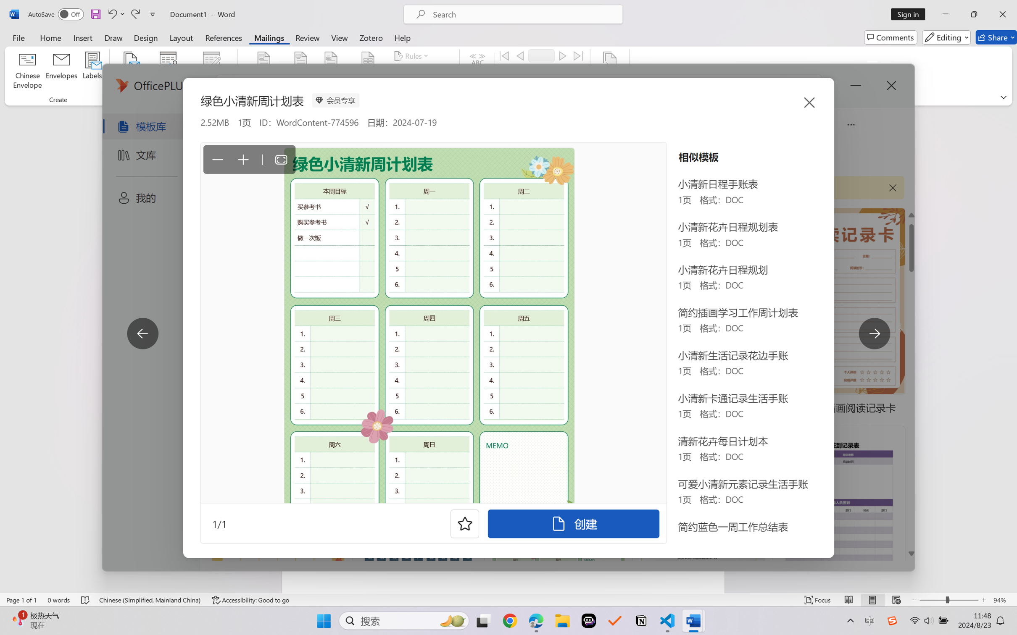 This screenshot has height=635, width=1017. Describe the element at coordinates (27, 71) in the screenshot. I see `'Chinese Envelope...'` at that location.